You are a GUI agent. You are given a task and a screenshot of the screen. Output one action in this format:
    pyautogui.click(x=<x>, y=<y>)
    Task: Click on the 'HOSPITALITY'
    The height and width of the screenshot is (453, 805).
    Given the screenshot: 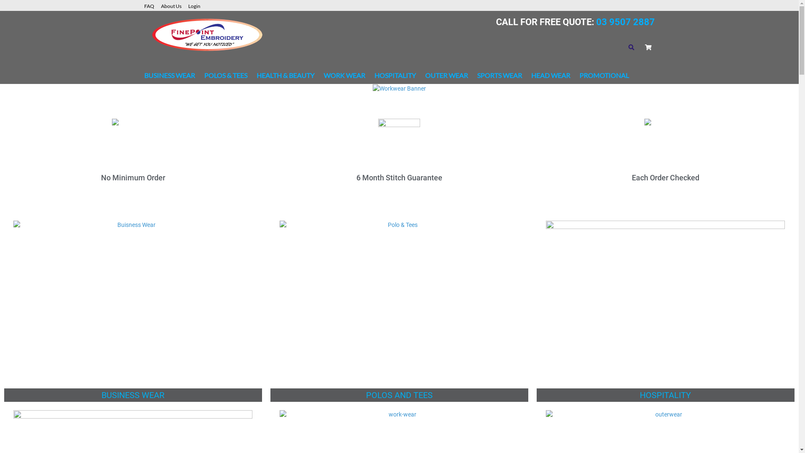 What is the action you would take?
    pyautogui.click(x=394, y=75)
    